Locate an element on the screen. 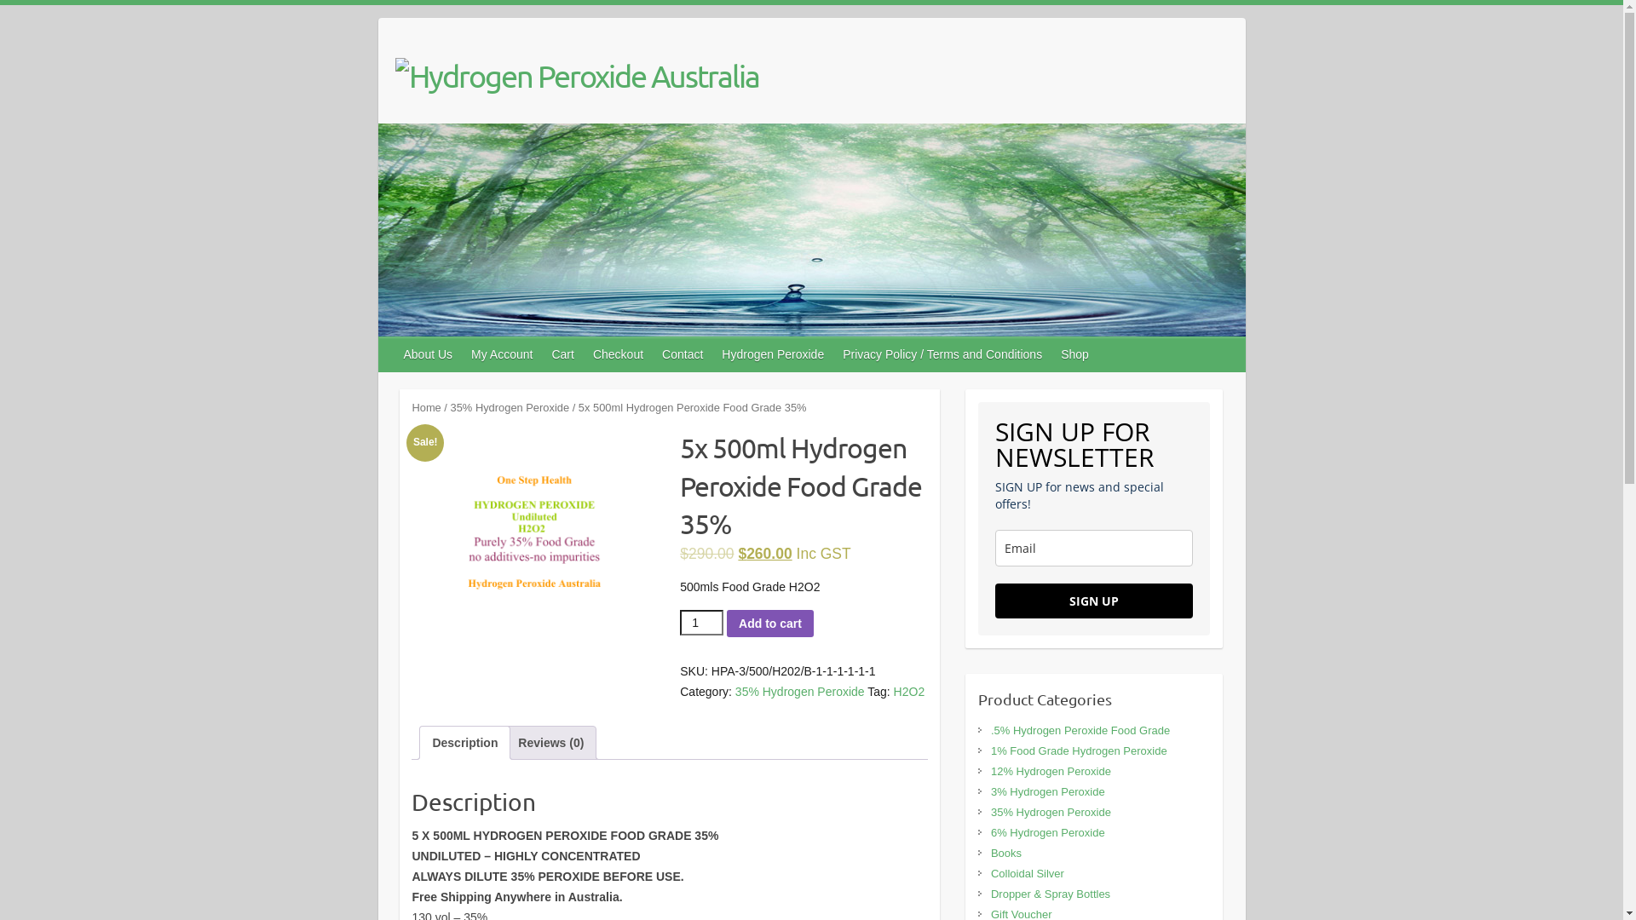 The height and width of the screenshot is (920, 1636). '35% Hydrogen Peroxide' is located at coordinates (1050, 811).